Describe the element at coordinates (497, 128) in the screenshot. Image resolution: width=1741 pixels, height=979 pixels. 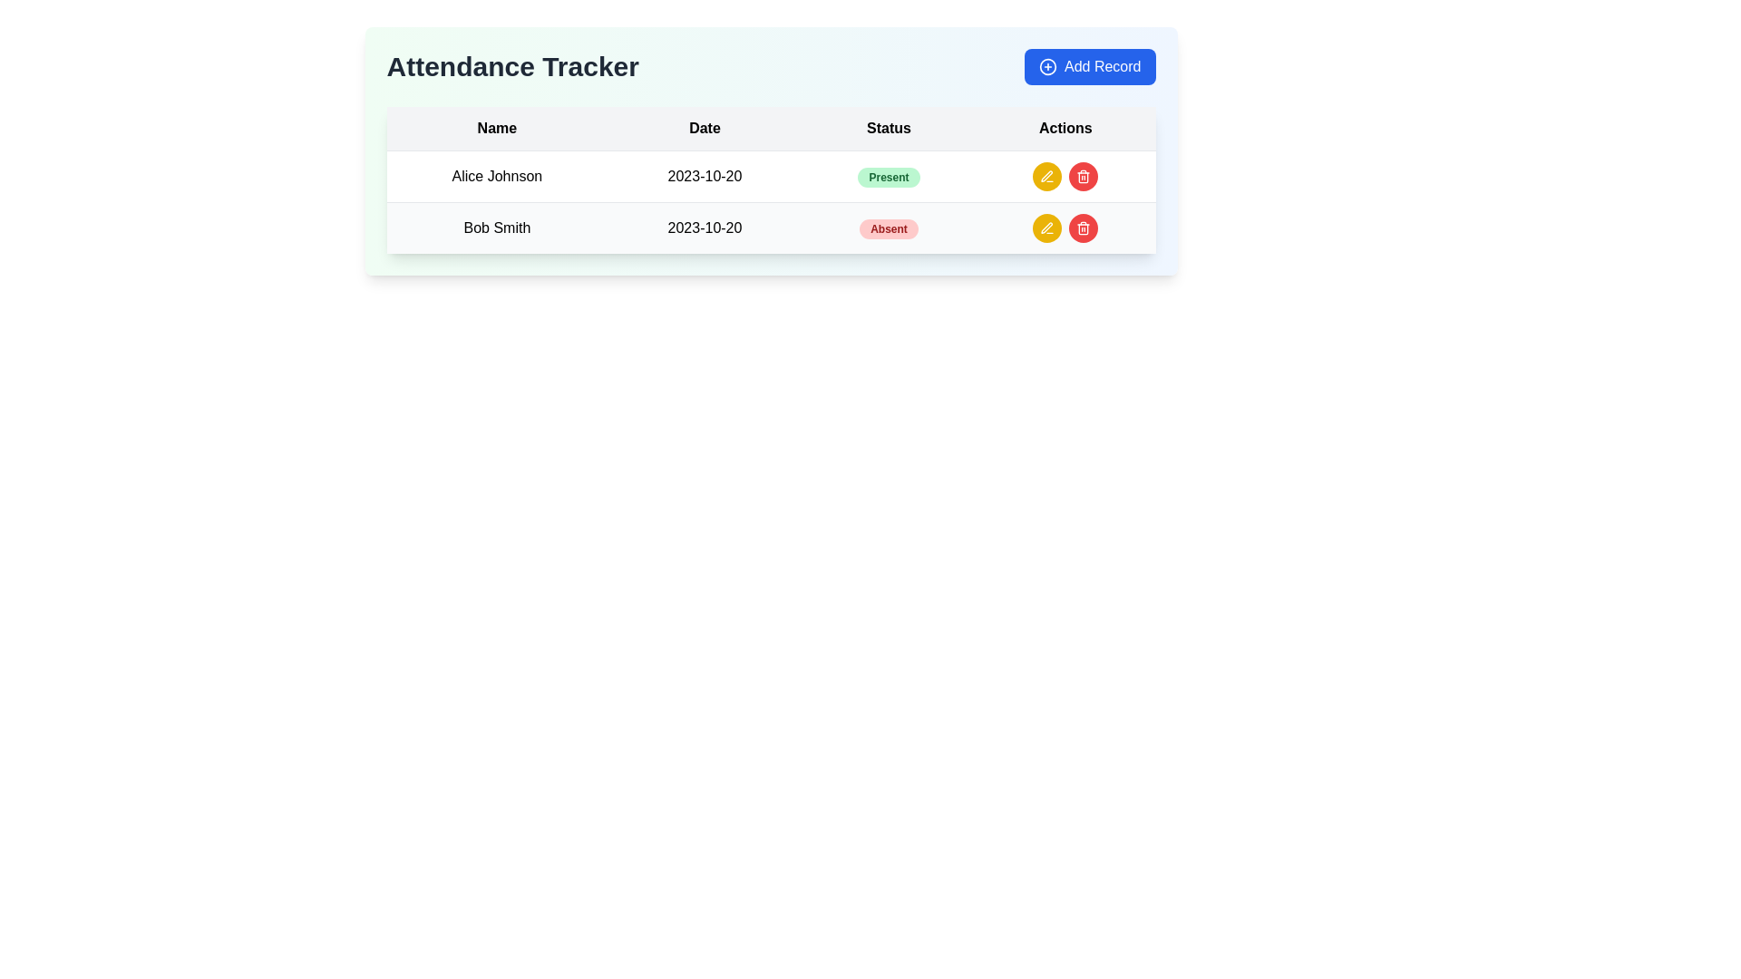
I see `the 'Name' column header in the Attendance Tracker table, which is located at the top-left corner of the table structure, immediately to the right of the title` at that location.